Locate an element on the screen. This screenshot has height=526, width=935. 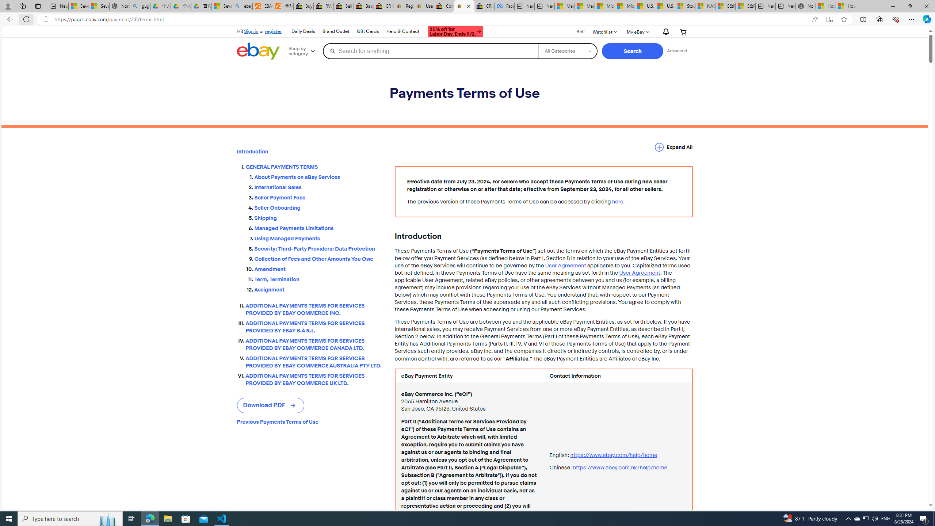
'Advanced Search' is located at coordinates (676, 50).